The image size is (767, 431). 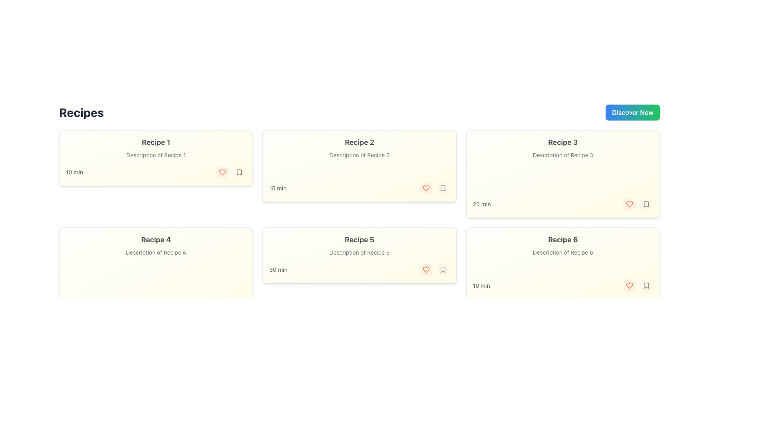 What do you see at coordinates (278, 269) in the screenshot?
I see `the static label indicating the duration for 'Recipe 5', located in the bottom-left corner of the card` at bounding box center [278, 269].